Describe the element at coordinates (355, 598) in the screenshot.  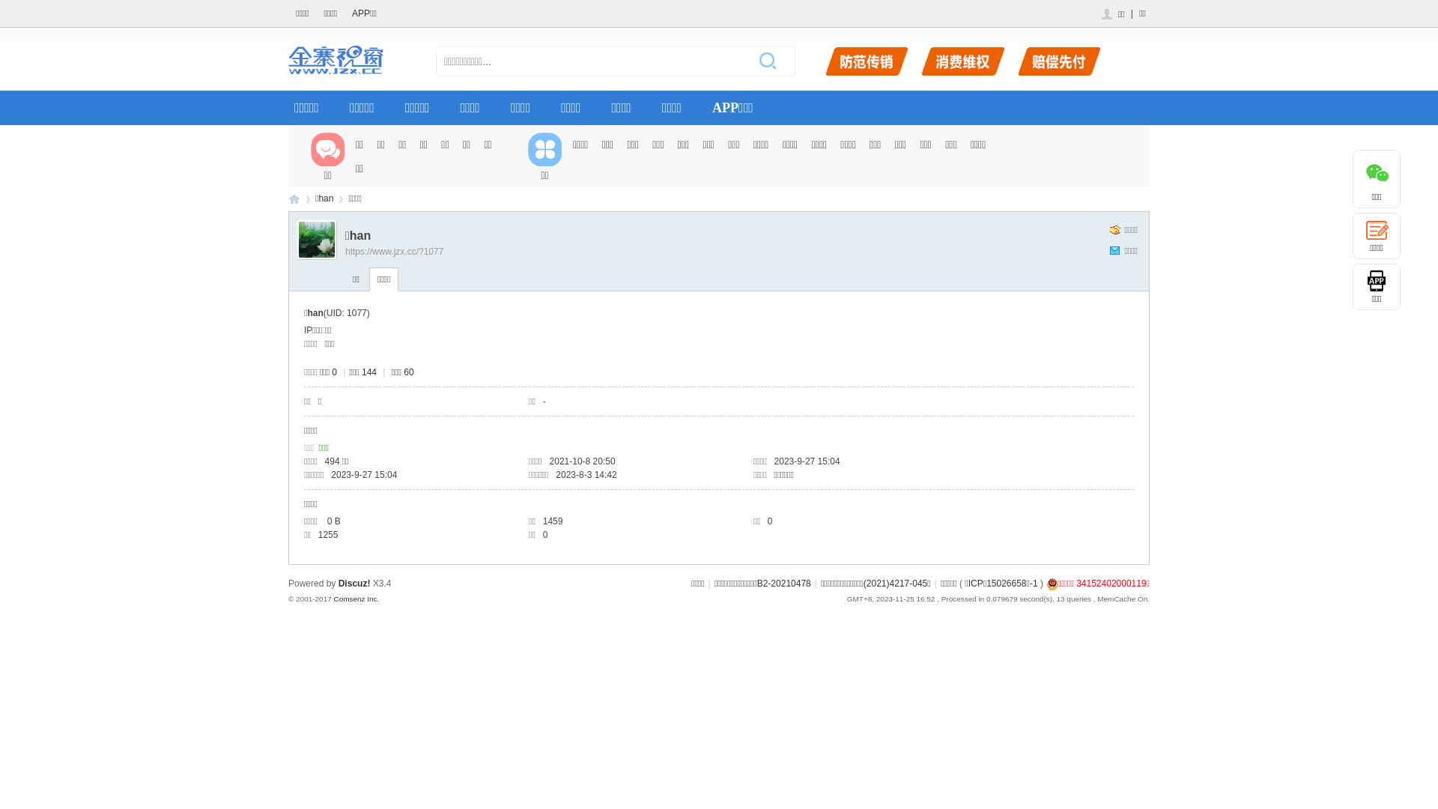
I see `'Comsenz Inc.'` at that location.